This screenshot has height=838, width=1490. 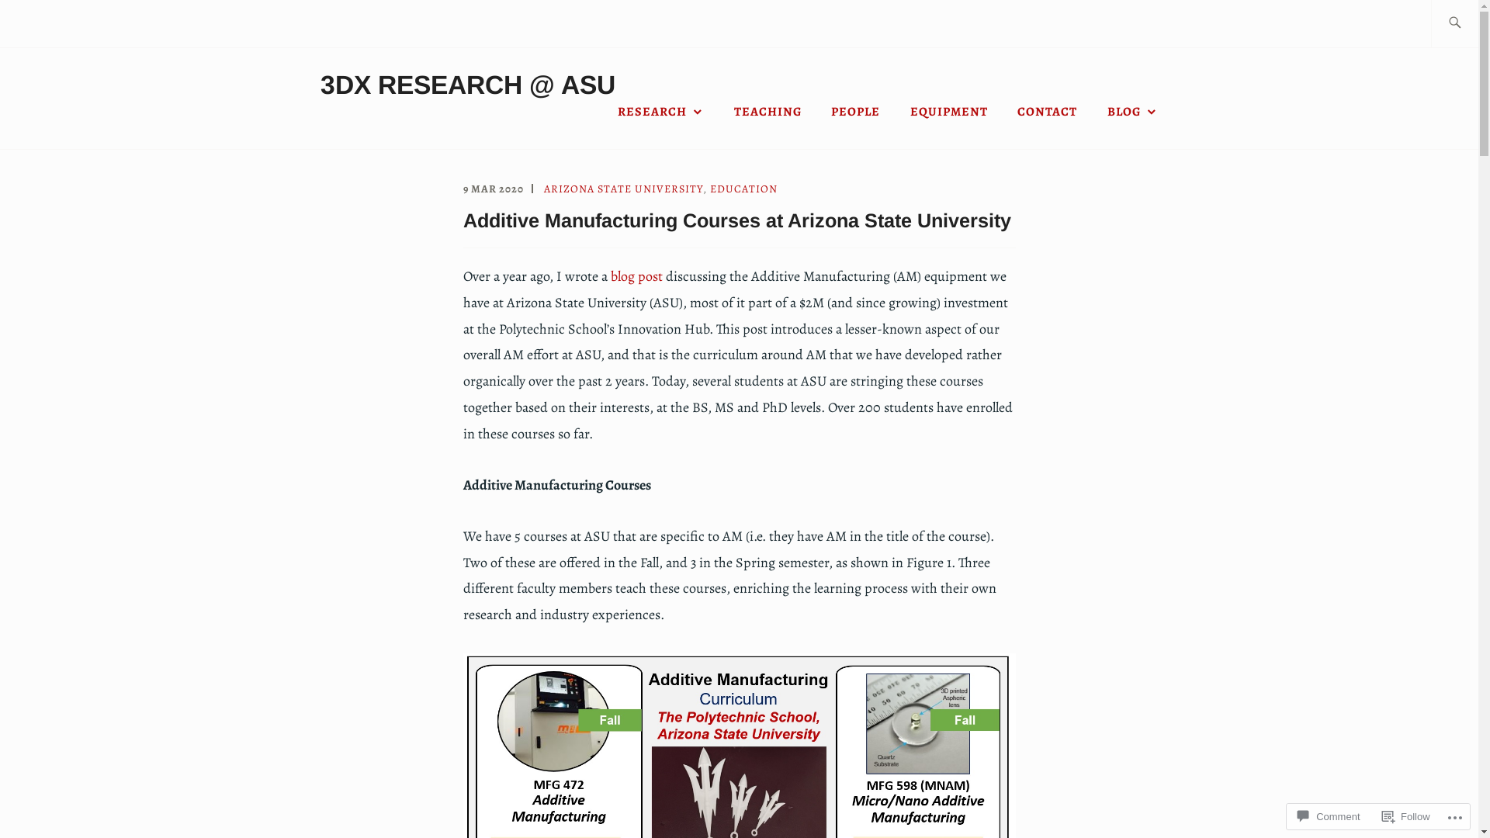 What do you see at coordinates (45, 23) in the screenshot?
I see `'Search'` at bounding box center [45, 23].